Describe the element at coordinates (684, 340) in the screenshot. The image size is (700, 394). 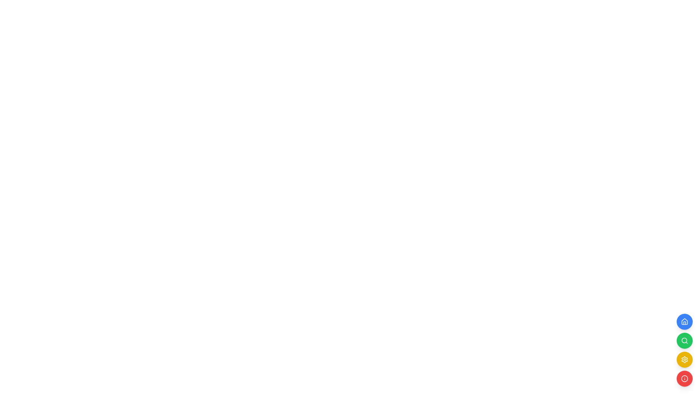
I see `the circular green button with a search icon` at that location.